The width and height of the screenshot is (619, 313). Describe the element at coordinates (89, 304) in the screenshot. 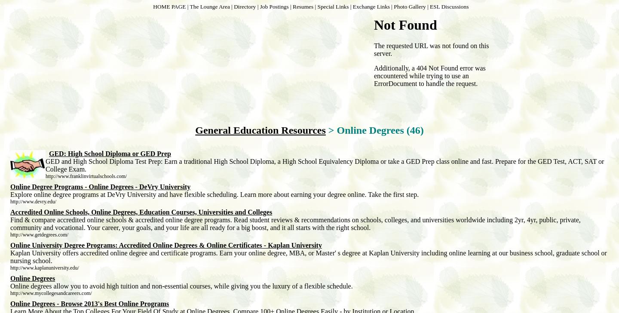

I see `'Online Degrees - Browse 2013's Best Online Programs'` at that location.